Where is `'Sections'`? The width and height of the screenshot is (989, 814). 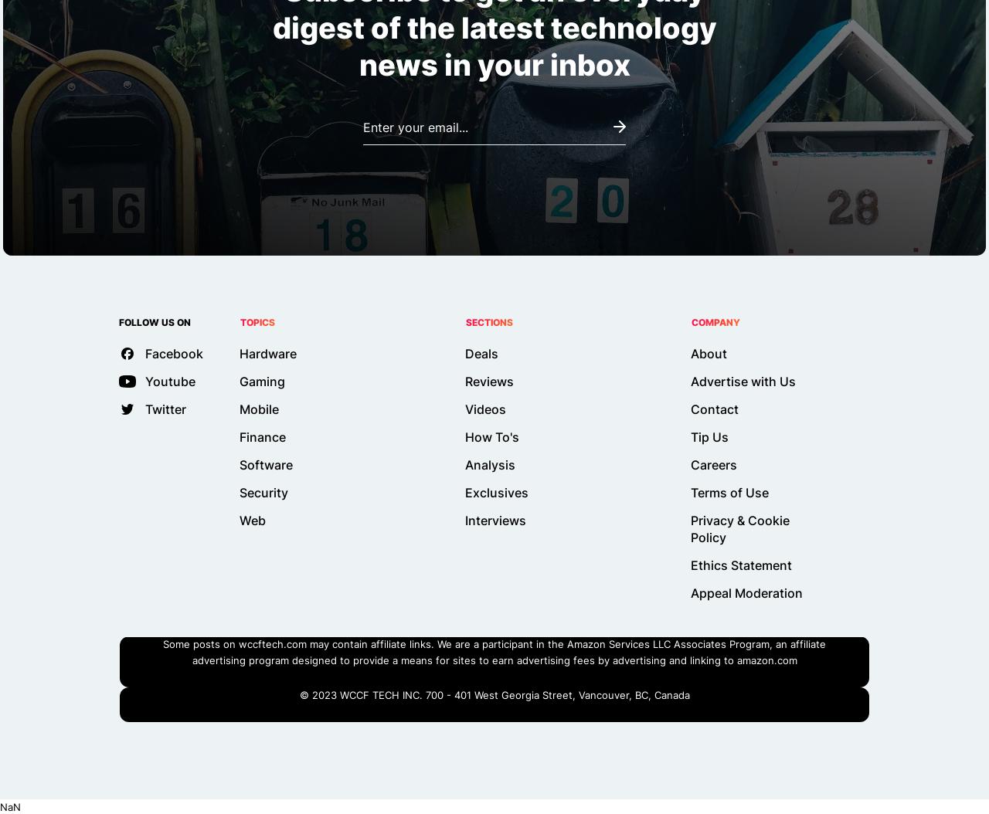
'Sections' is located at coordinates (465, 321).